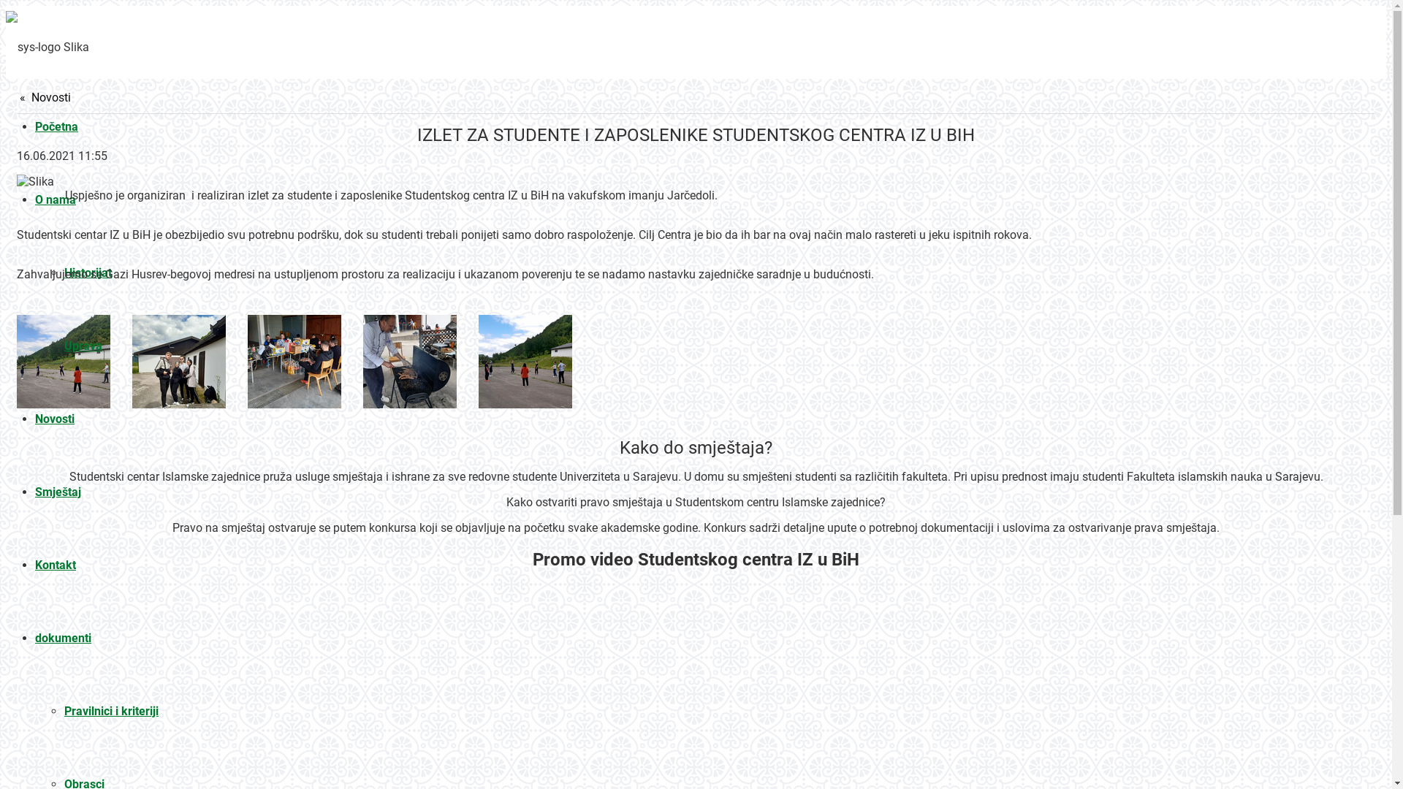 The image size is (1403, 789). What do you see at coordinates (63, 272) in the screenshot?
I see `'Historijat'` at bounding box center [63, 272].